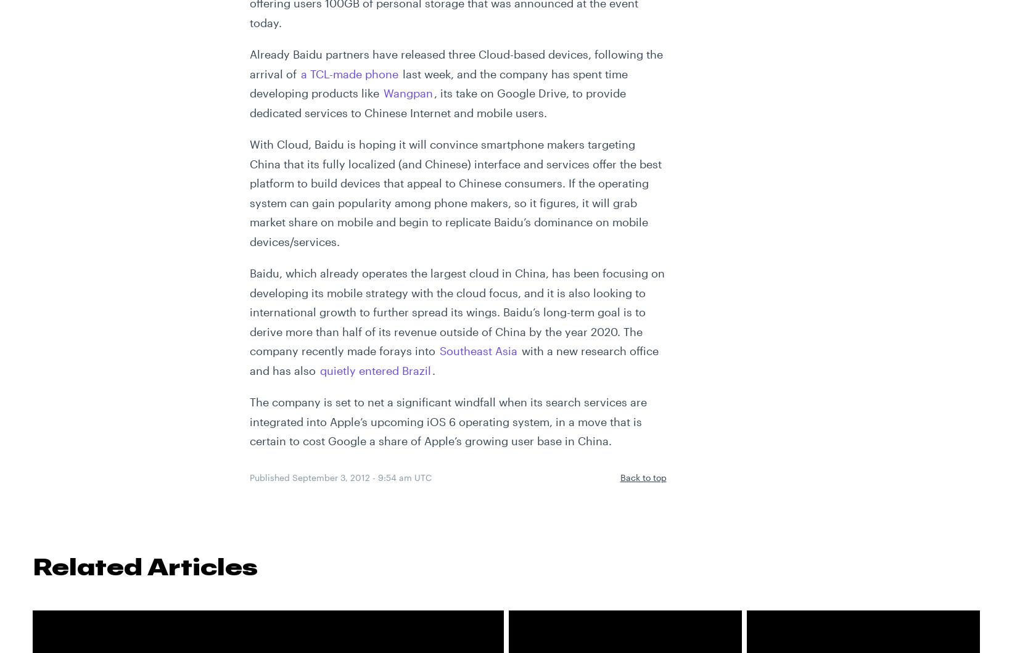 The height and width of the screenshot is (653, 1012). I want to click on 'Related Articles', so click(144, 566).